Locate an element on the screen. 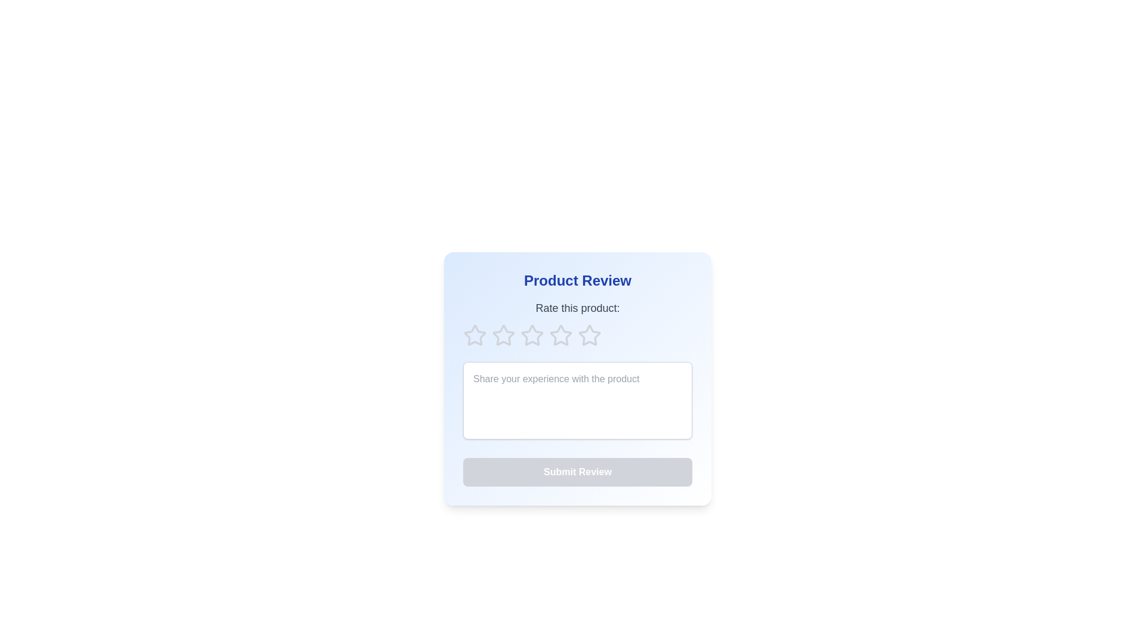 The width and height of the screenshot is (1146, 644). the star icons is located at coordinates (578, 324).